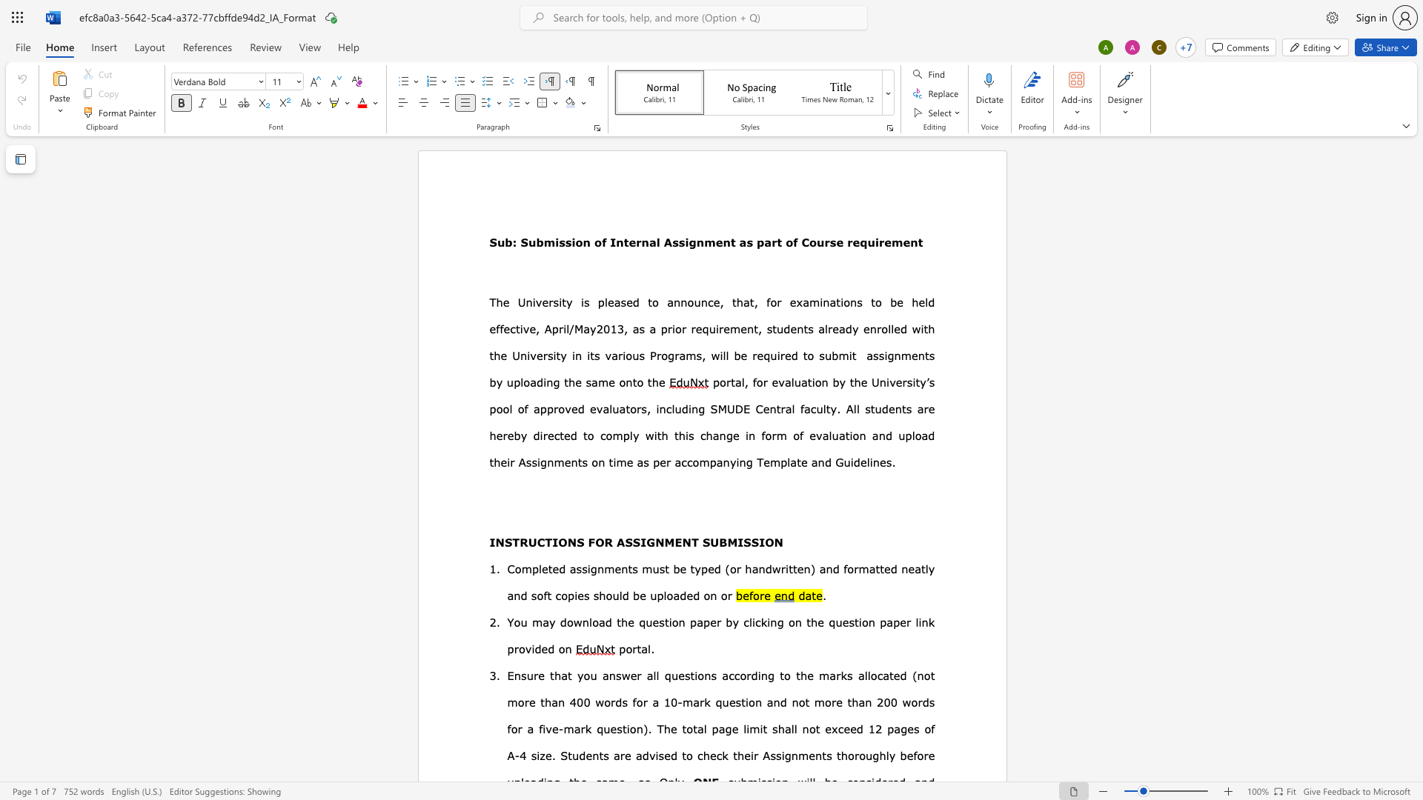 Image resolution: width=1423 pixels, height=800 pixels. I want to click on the space between the continuous character "e" and "d" in the text, so click(633, 301).